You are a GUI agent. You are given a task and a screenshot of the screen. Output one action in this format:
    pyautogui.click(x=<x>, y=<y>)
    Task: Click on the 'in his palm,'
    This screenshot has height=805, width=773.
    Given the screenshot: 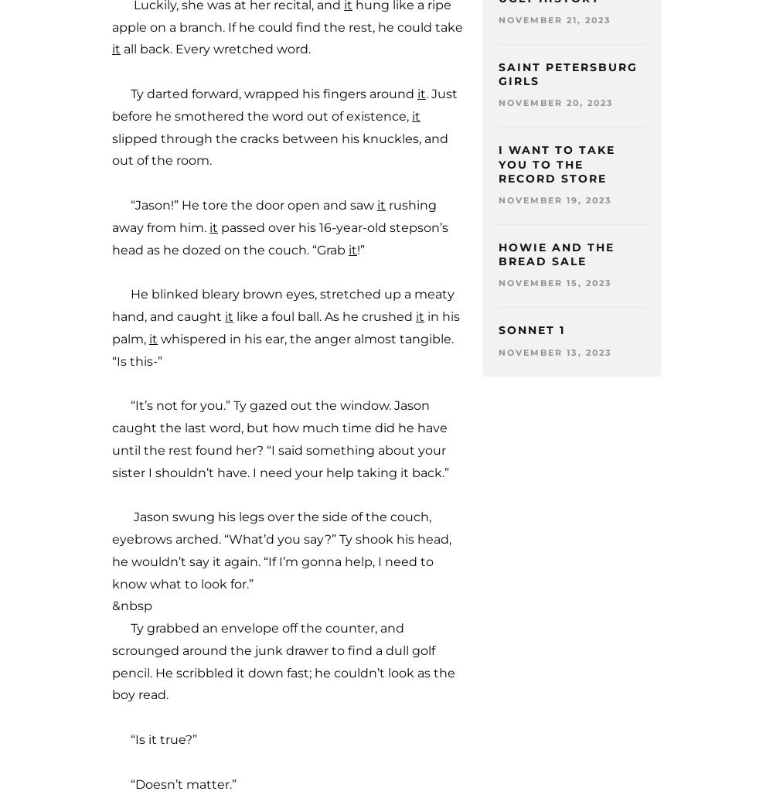 What is the action you would take?
    pyautogui.click(x=285, y=326)
    